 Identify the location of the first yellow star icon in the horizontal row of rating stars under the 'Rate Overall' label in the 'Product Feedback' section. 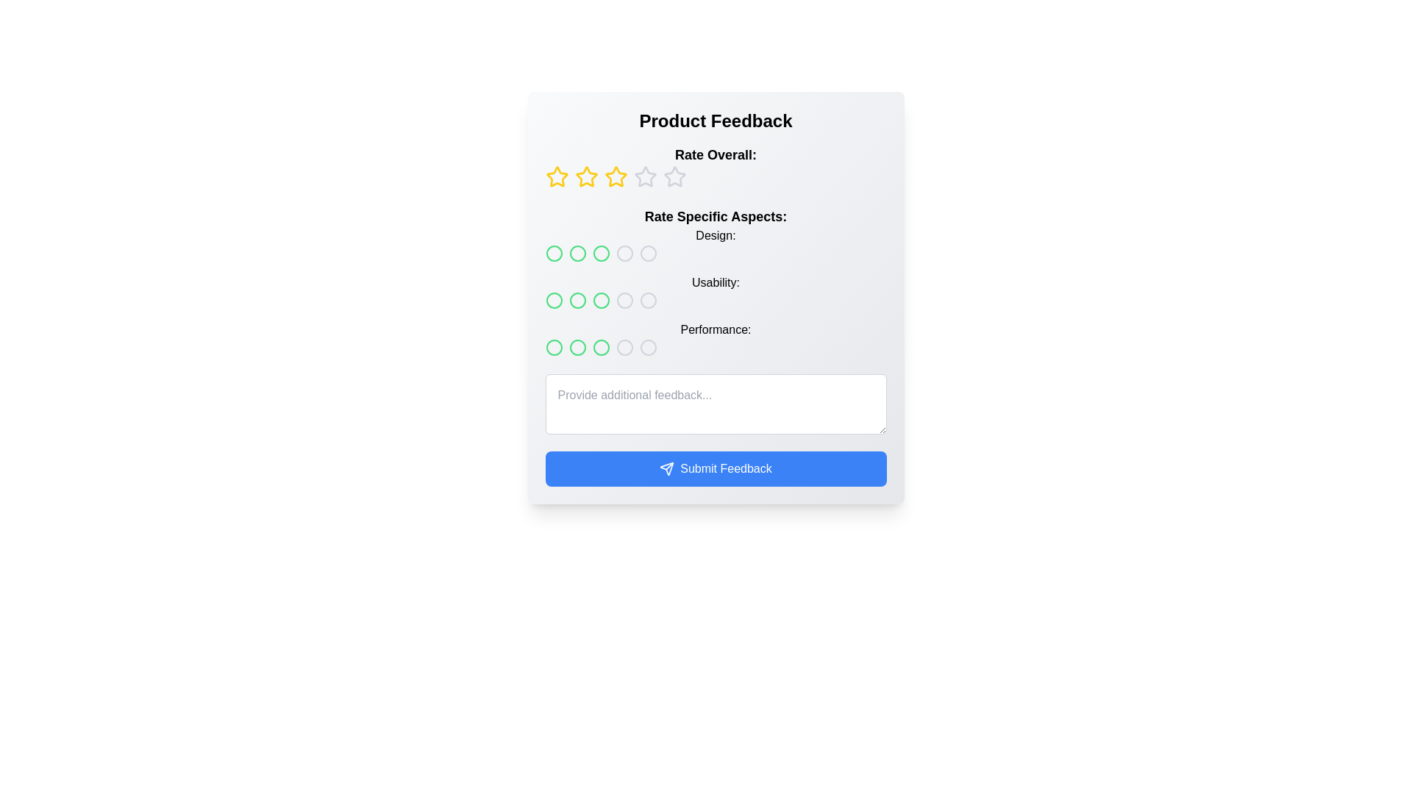
(556, 175).